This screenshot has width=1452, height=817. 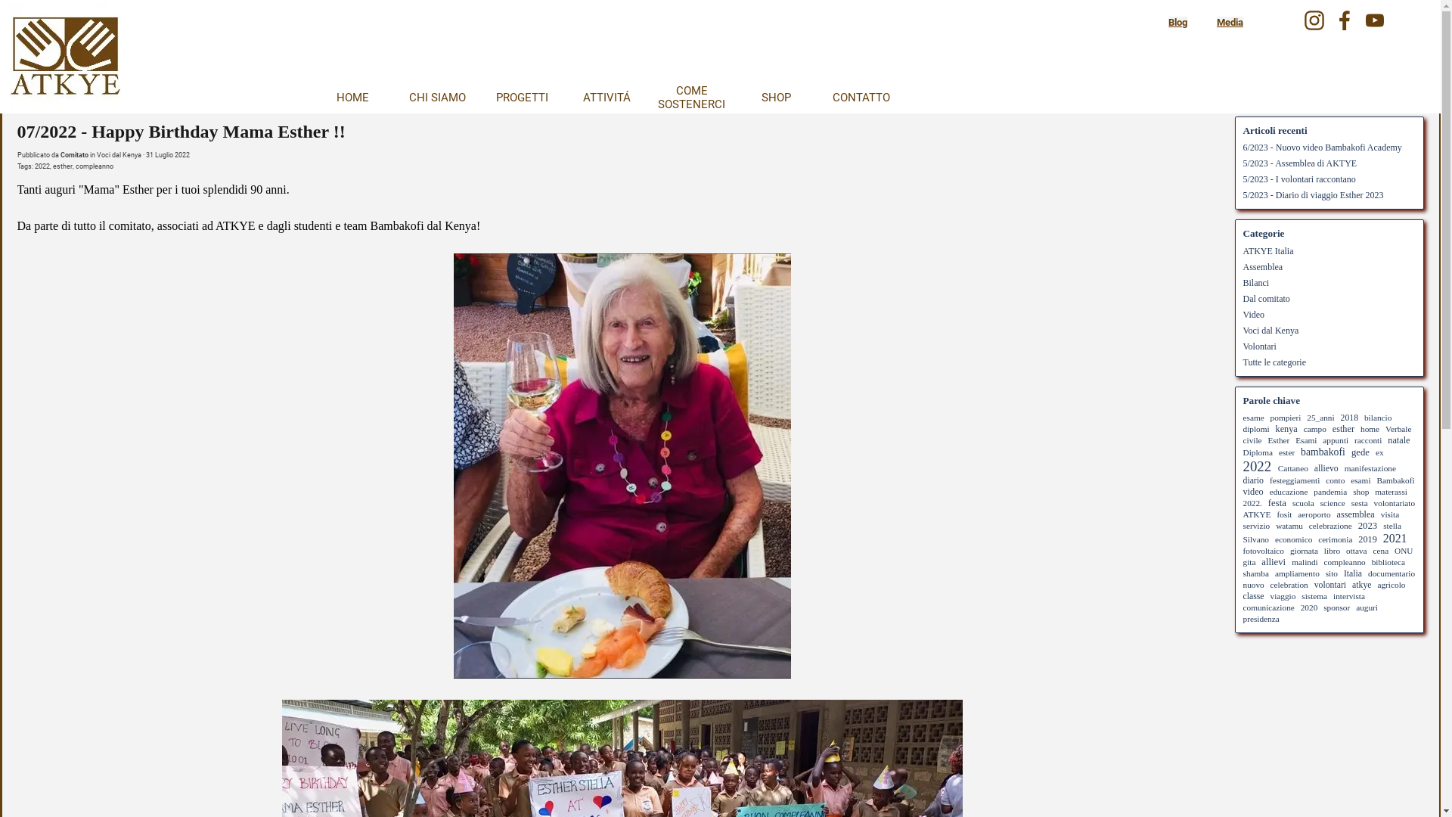 I want to click on 'biblioteca', so click(x=1388, y=562).